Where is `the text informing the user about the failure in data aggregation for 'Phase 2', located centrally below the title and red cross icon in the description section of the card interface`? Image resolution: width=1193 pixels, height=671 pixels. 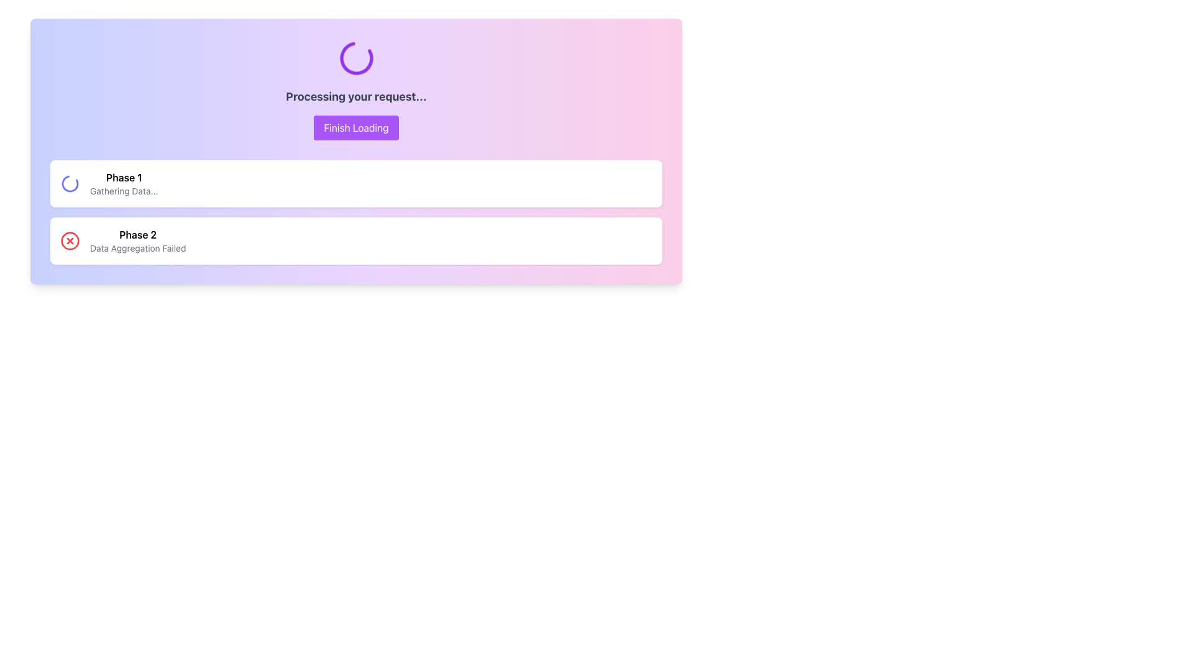
the text informing the user about the failure in data aggregation for 'Phase 2', located centrally below the title and red cross icon in the description section of the card interface is located at coordinates (138, 249).